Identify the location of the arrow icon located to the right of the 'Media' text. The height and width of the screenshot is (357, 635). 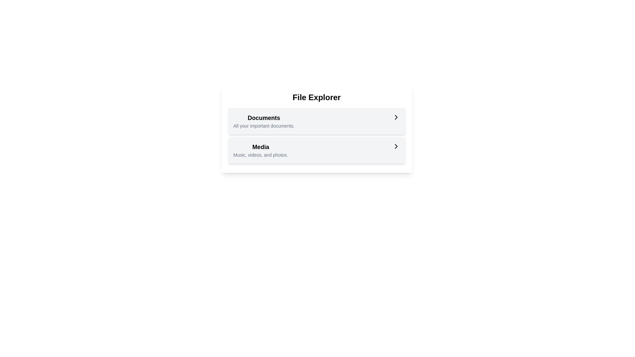
(396, 146).